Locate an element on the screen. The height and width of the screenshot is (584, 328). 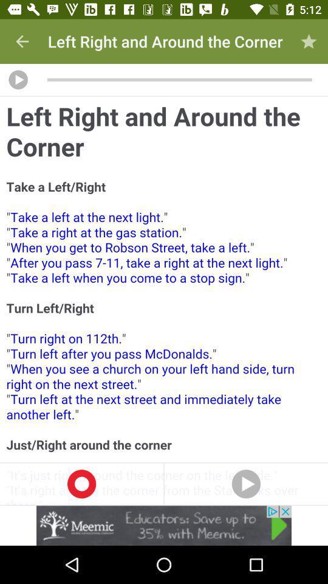
the audio is located at coordinates (18, 79).